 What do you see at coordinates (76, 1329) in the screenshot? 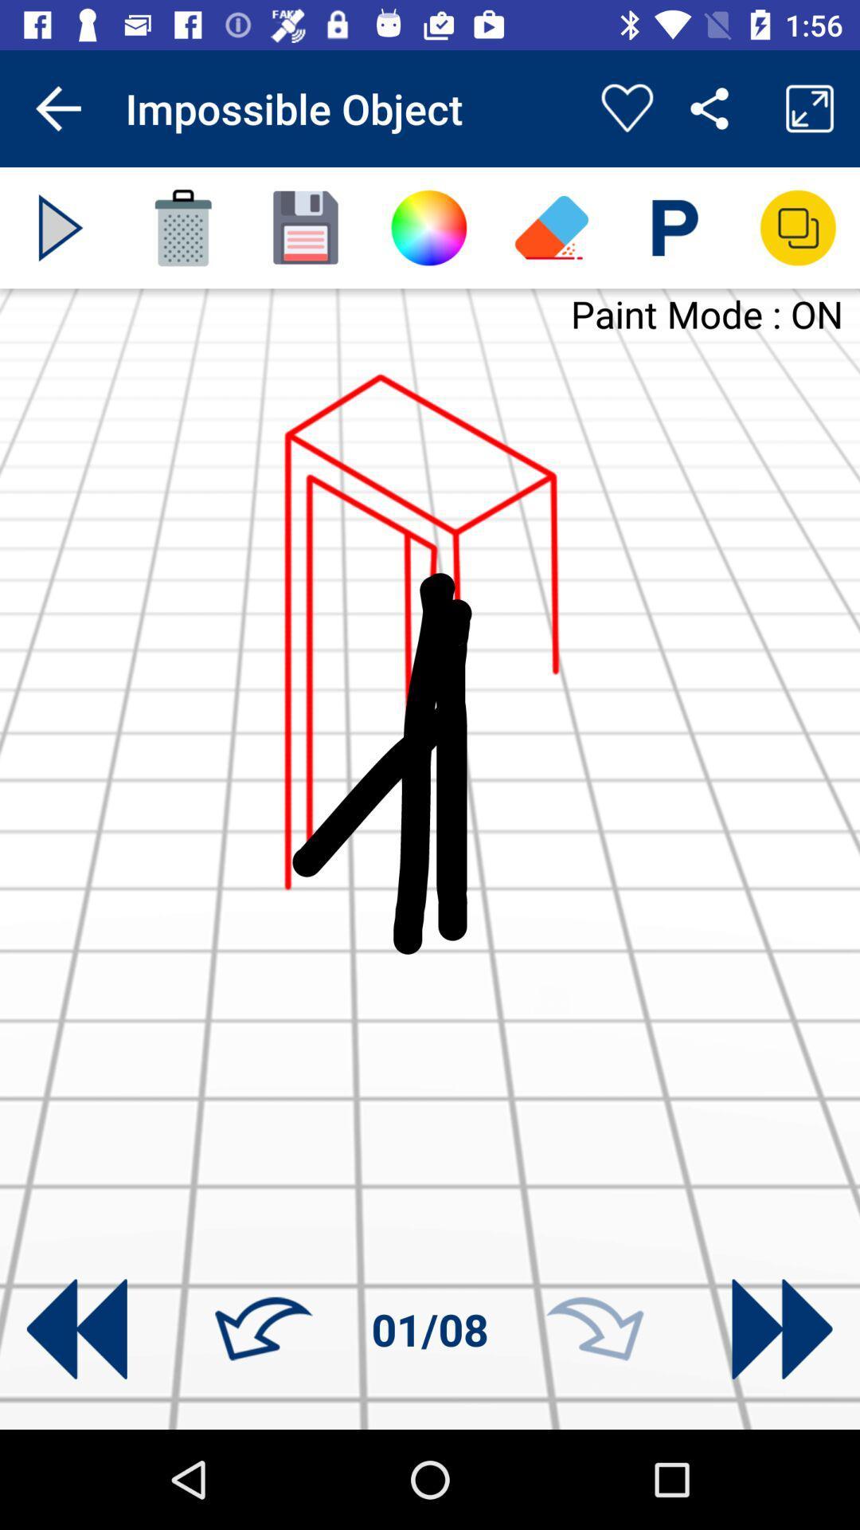
I see `the av_rewind icon` at bounding box center [76, 1329].